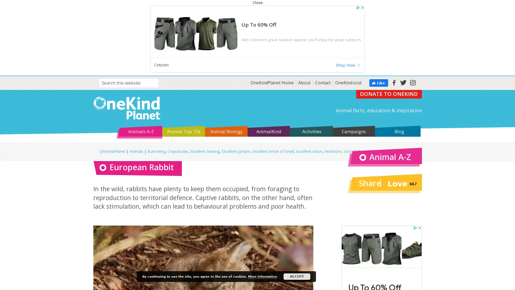 Image resolution: width=515 pixels, height=290 pixels. I want to click on Search, so click(158, 78).